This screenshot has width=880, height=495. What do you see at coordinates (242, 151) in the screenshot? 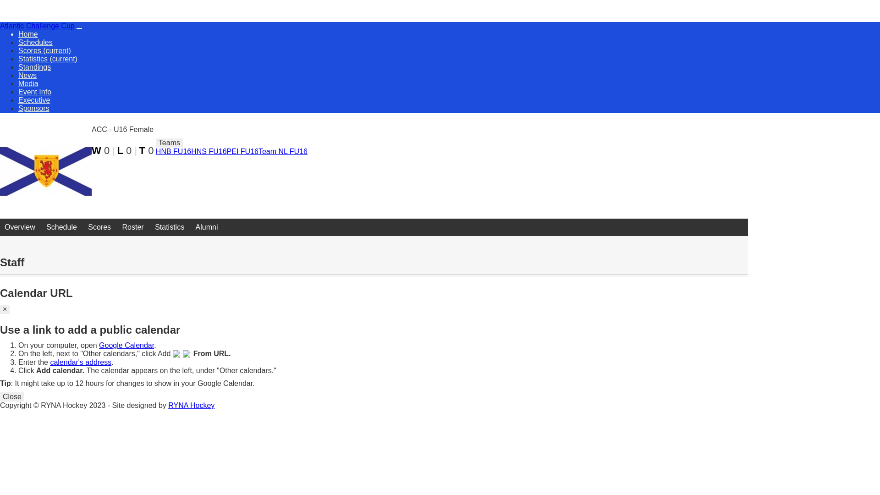
I see `'PEI FU16'` at bounding box center [242, 151].